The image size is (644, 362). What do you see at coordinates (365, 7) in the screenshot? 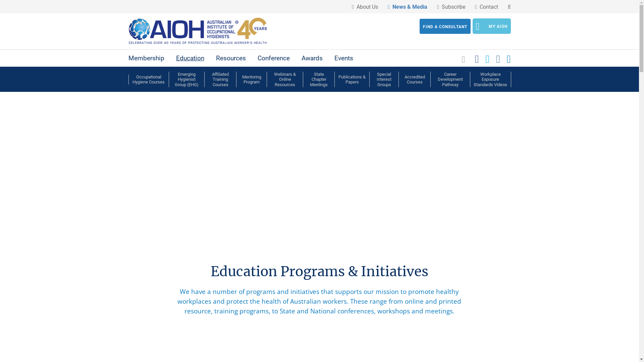
I see `'  About Us'` at bounding box center [365, 7].